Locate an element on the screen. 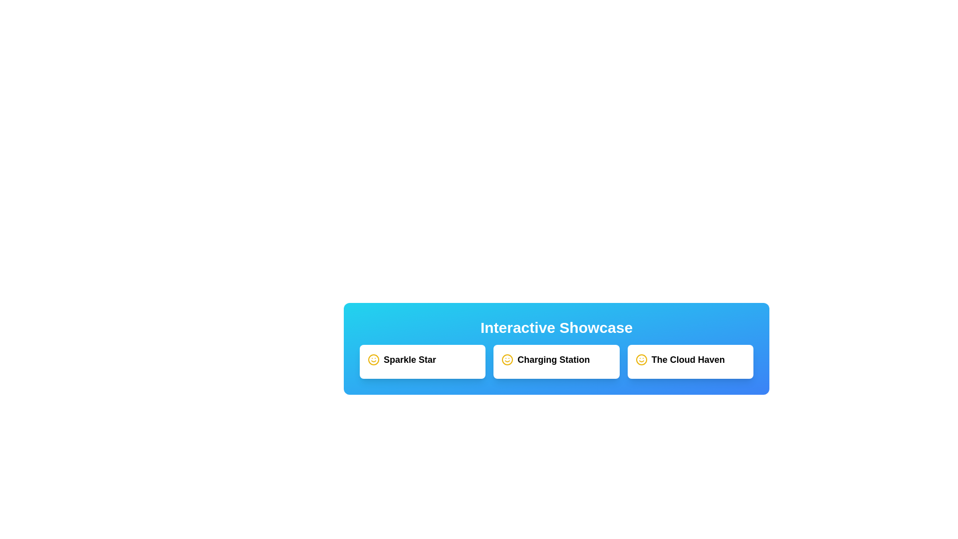 This screenshot has height=539, width=958. the smiley face icon representing a positive state, located to the left of the 'Charging Station' label in the second section of the layout is located at coordinates (507, 360).